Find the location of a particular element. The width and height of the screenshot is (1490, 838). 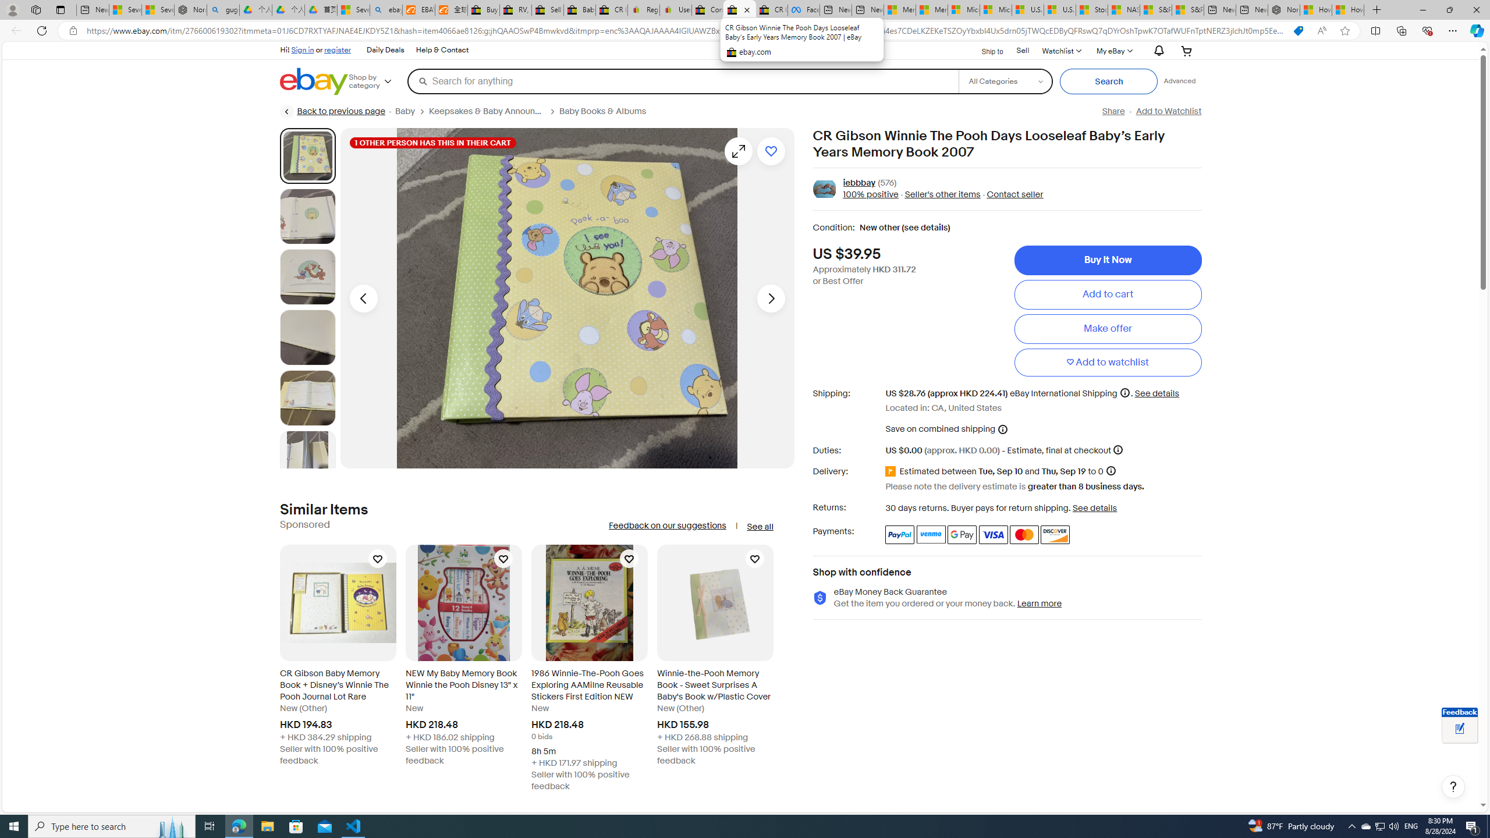

'Help & Contact' is located at coordinates (442, 51).